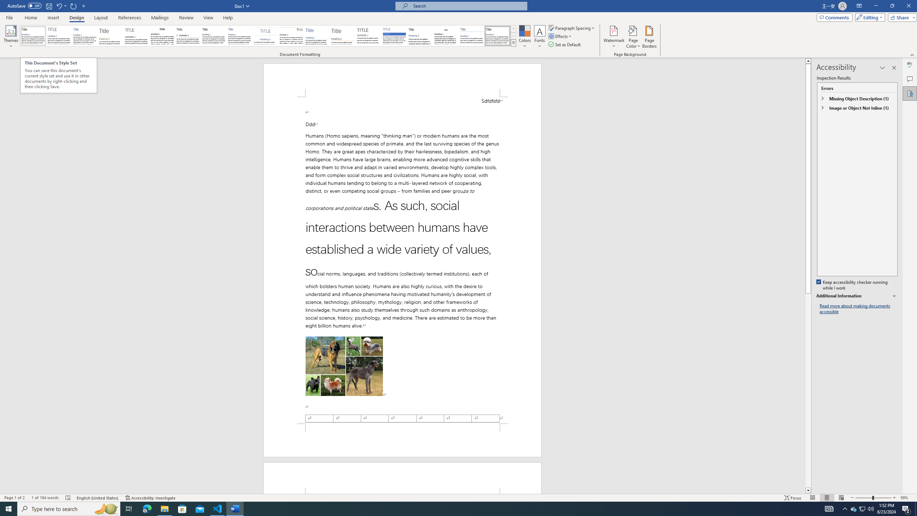 Image resolution: width=917 pixels, height=516 pixels. I want to click on 'Casual', so click(239, 35).